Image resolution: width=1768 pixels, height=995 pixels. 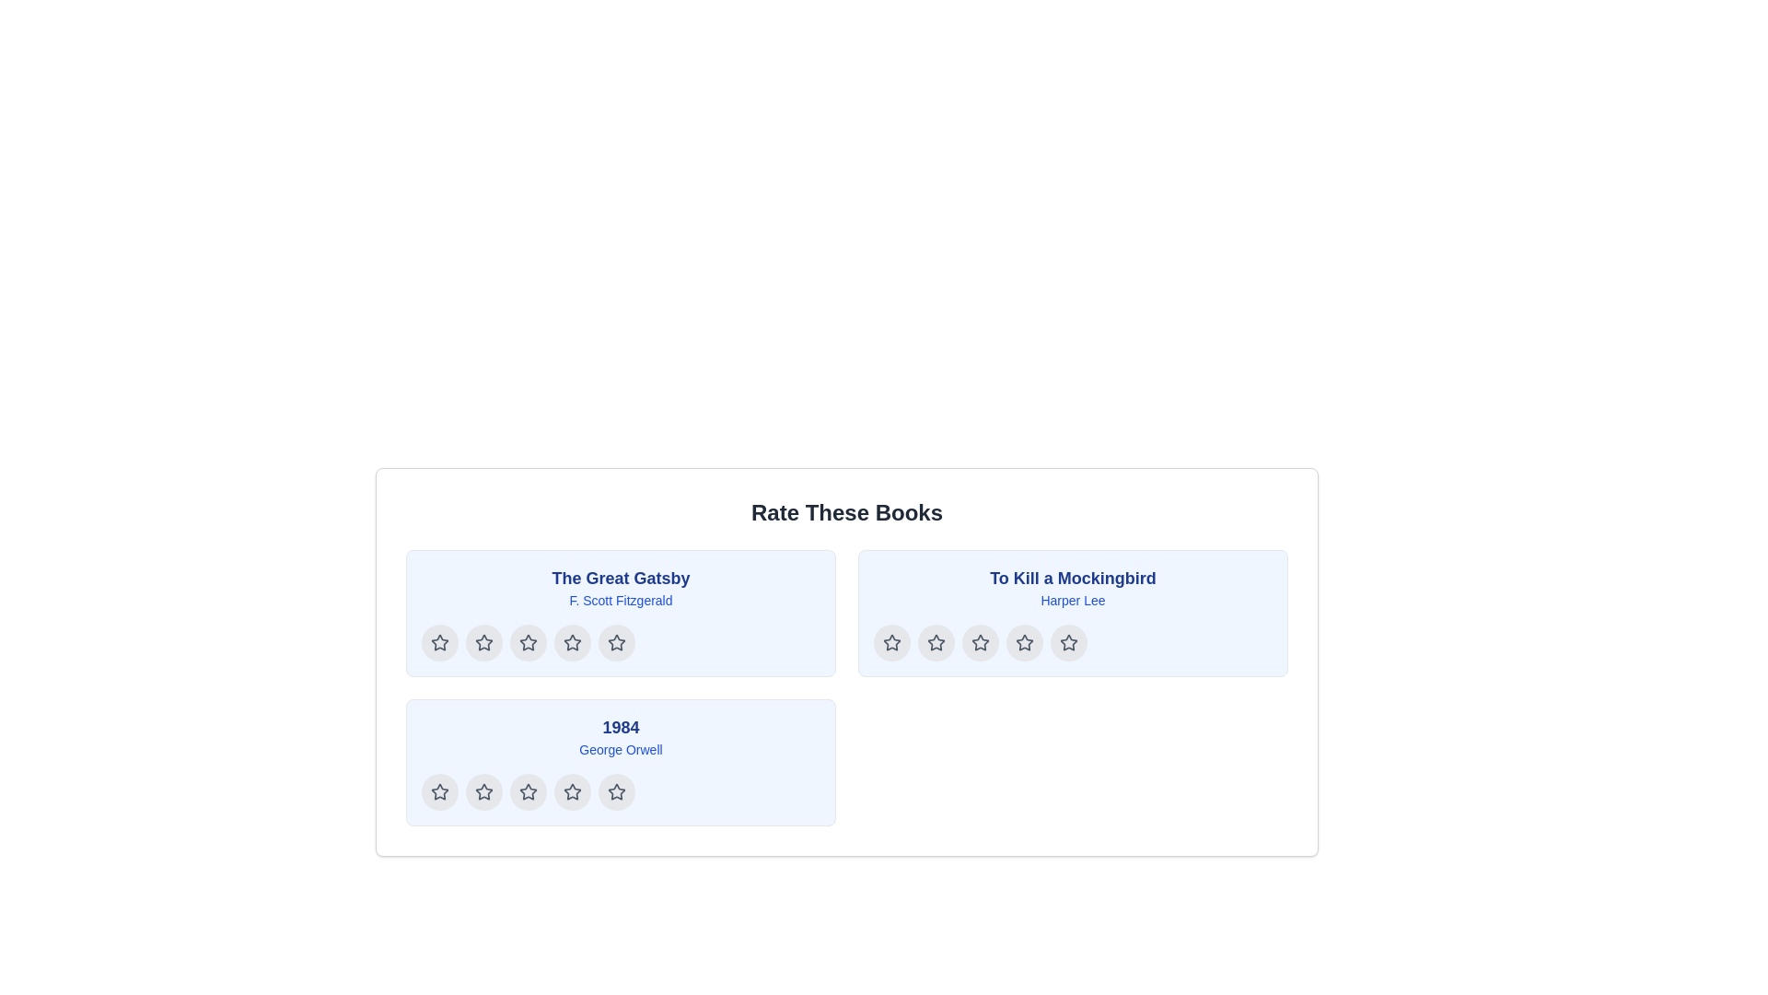 What do you see at coordinates (1073, 578) in the screenshot?
I see `the main title text label of the book, located at the top of its containing card, above the text 'Harper Lee'` at bounding box center [1073, 578].